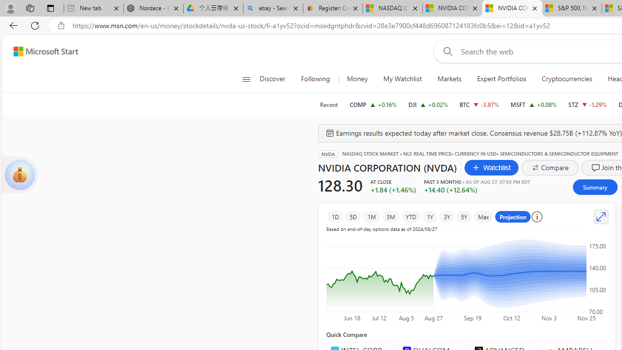 Image resolution: width=622 pixels, height=350 pixels. I want to click on '1D', so click(335, 216).